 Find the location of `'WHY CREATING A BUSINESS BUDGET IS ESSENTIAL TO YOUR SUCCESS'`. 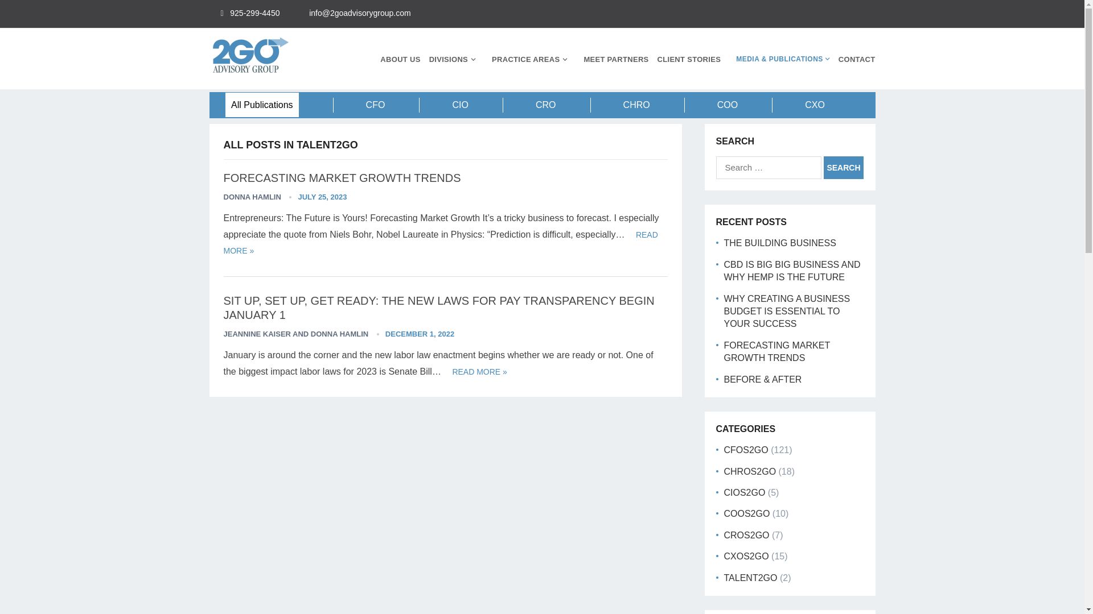

'WHY CREATING A BUSINESS BUDGET IS ESSENTIAL TO YOUR SUCCESS' is located at coordinates (786, 311).